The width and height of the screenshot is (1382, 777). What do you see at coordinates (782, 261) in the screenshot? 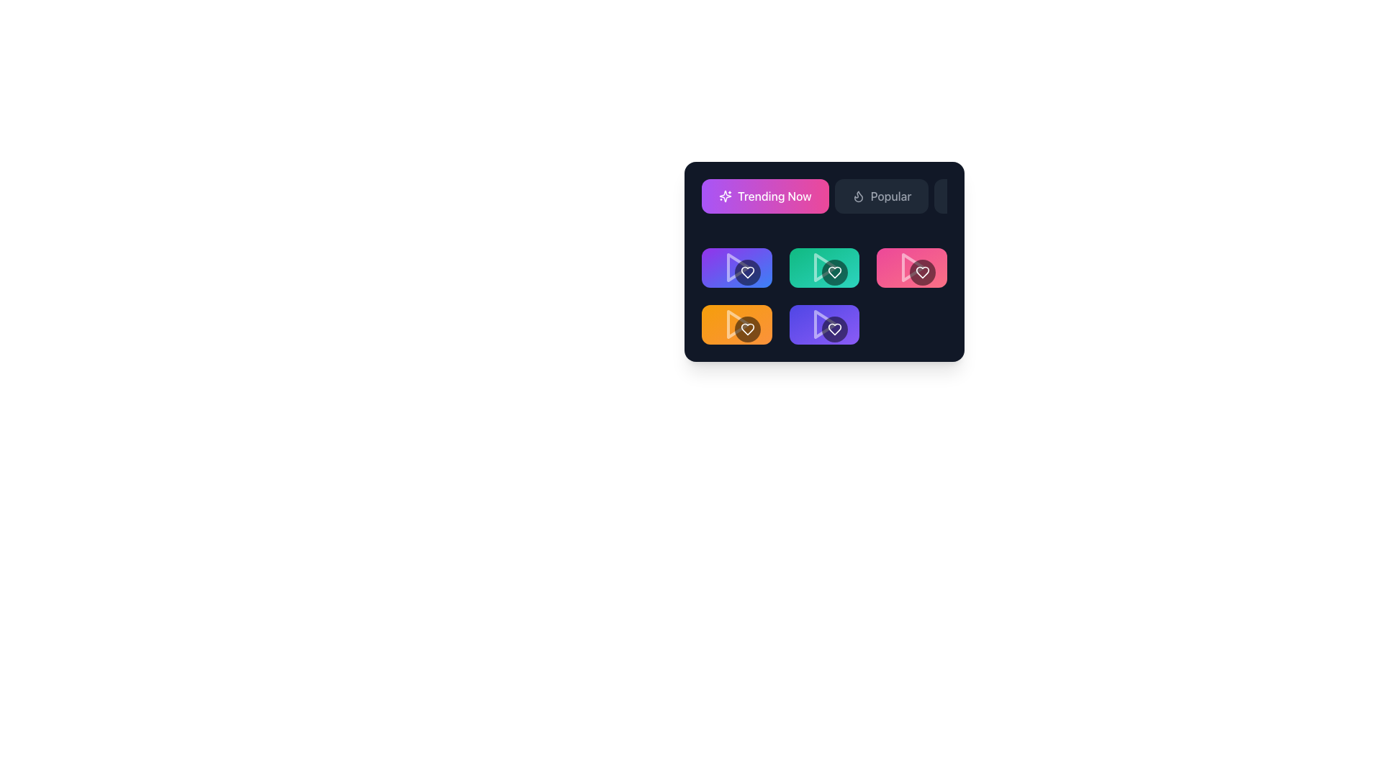
I see `the interactive icon button located in the second column of the first row` at bounding box center [782, 261].